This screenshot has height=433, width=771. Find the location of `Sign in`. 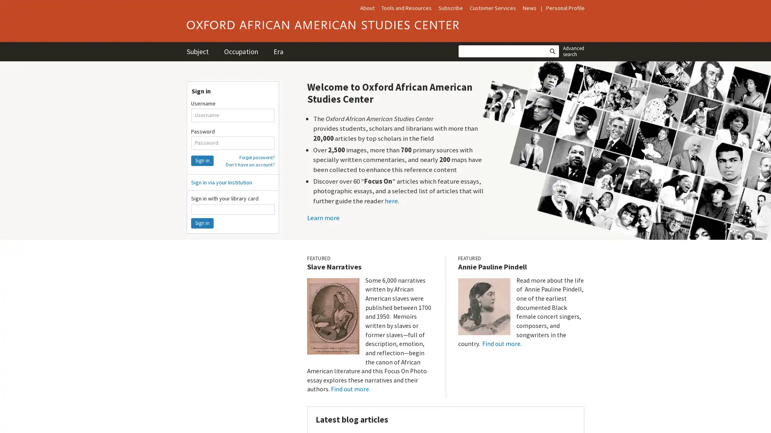

Sign in is located at coordinates (202, 223).